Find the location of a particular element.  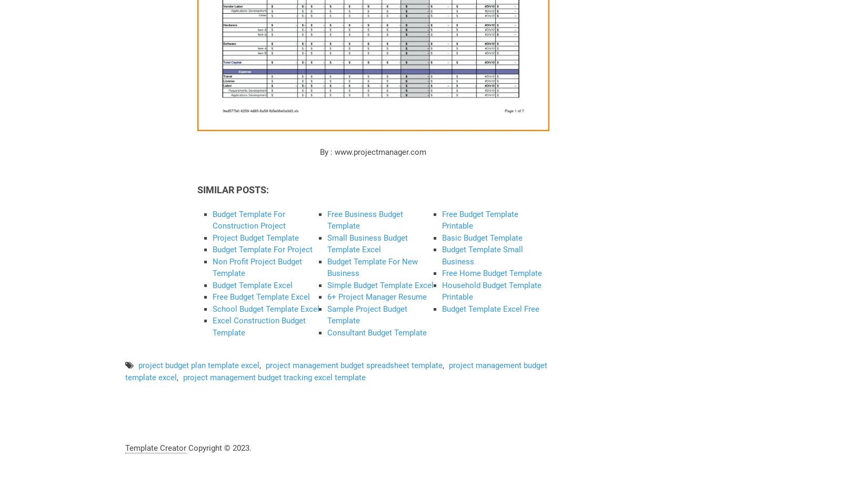

'Free Budget Template Printable' is located at coordinates (479, 220).